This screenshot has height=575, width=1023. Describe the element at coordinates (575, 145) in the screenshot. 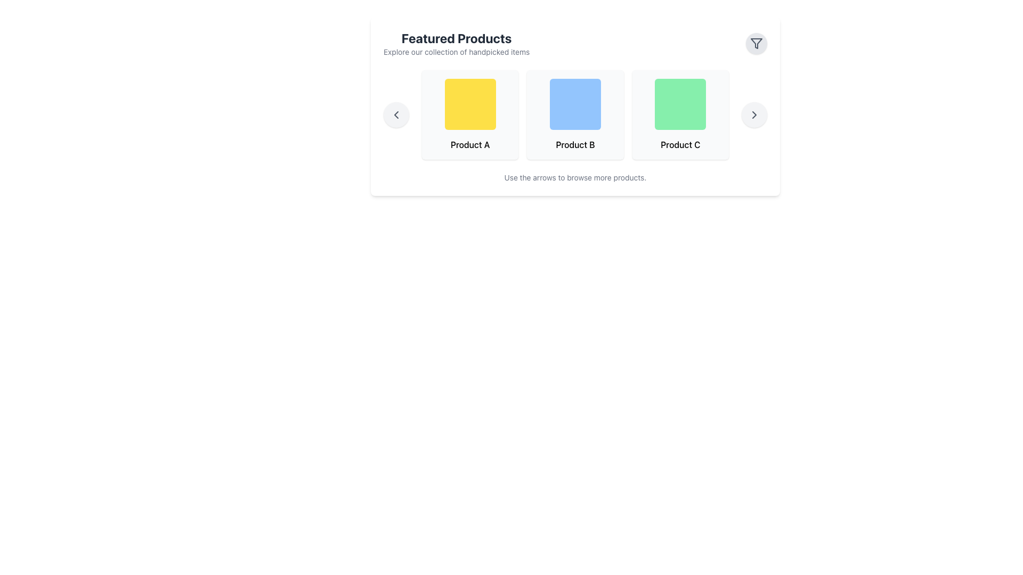

I see `text label 'Product B' located at the bottom center of the second card in a horizontal arrangement of three cards, which is identified by the blue square graphic above it` at that location.